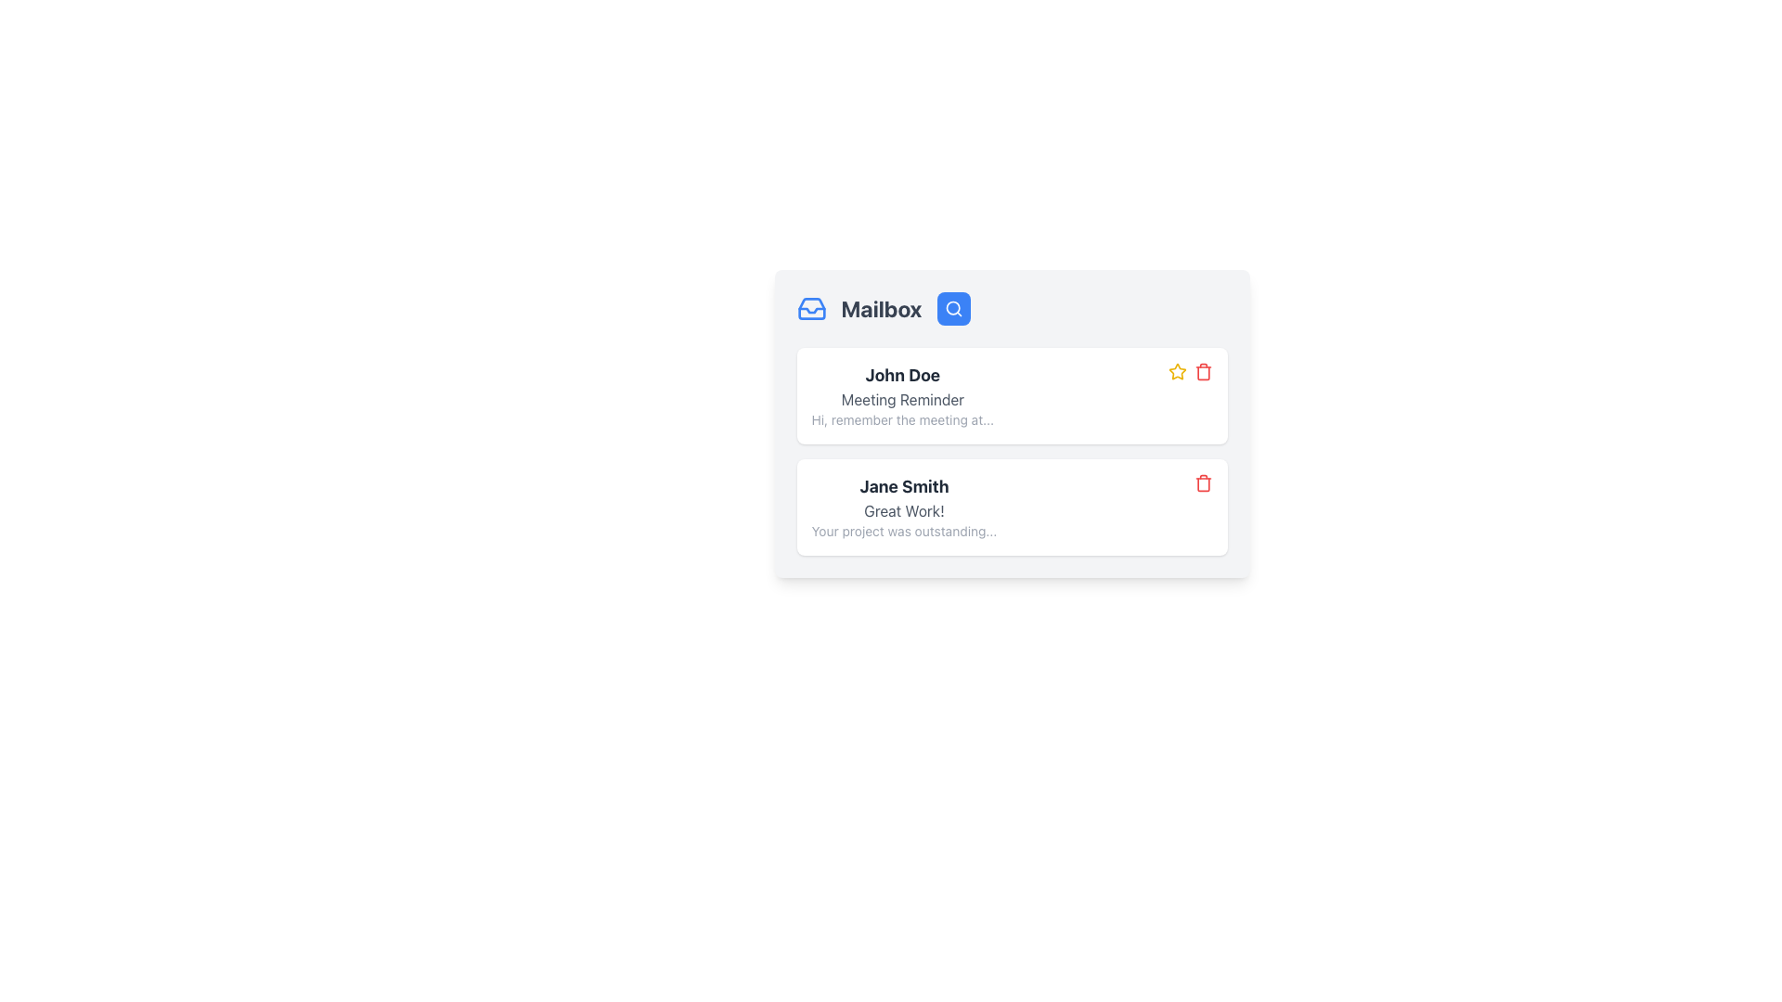 The height and width of the screenshot is (1002, 1782). I want to click on the text display reading 'Great Work!', so click(904, 511).